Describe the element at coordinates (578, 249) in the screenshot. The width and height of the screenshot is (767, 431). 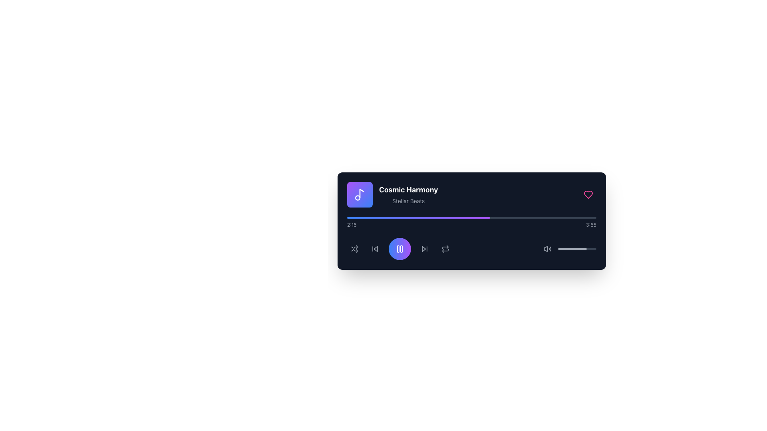
I see `the volume slider` at that location.